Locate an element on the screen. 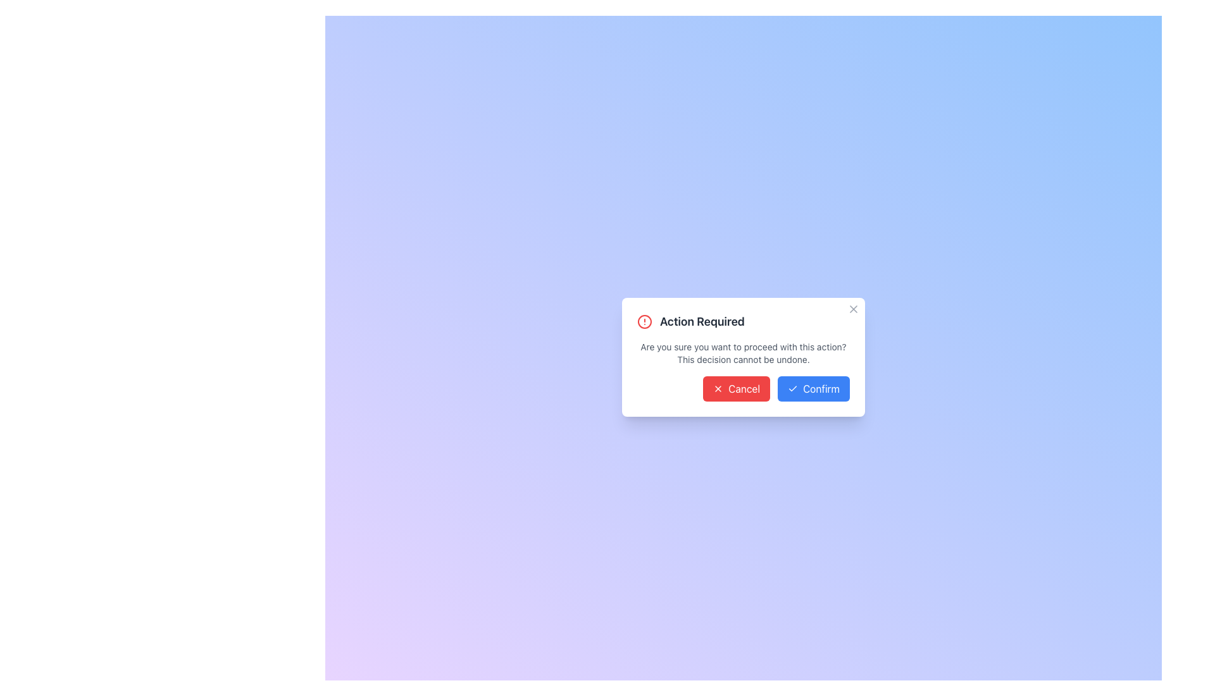 Image resolution: width=1215 pixels, height=683 pixels. the small icon featuring a bold 'X' design, which is framed by a red circular background and located to the left of the 'Cancel' text in a red button is located at coordinates (718, 388).